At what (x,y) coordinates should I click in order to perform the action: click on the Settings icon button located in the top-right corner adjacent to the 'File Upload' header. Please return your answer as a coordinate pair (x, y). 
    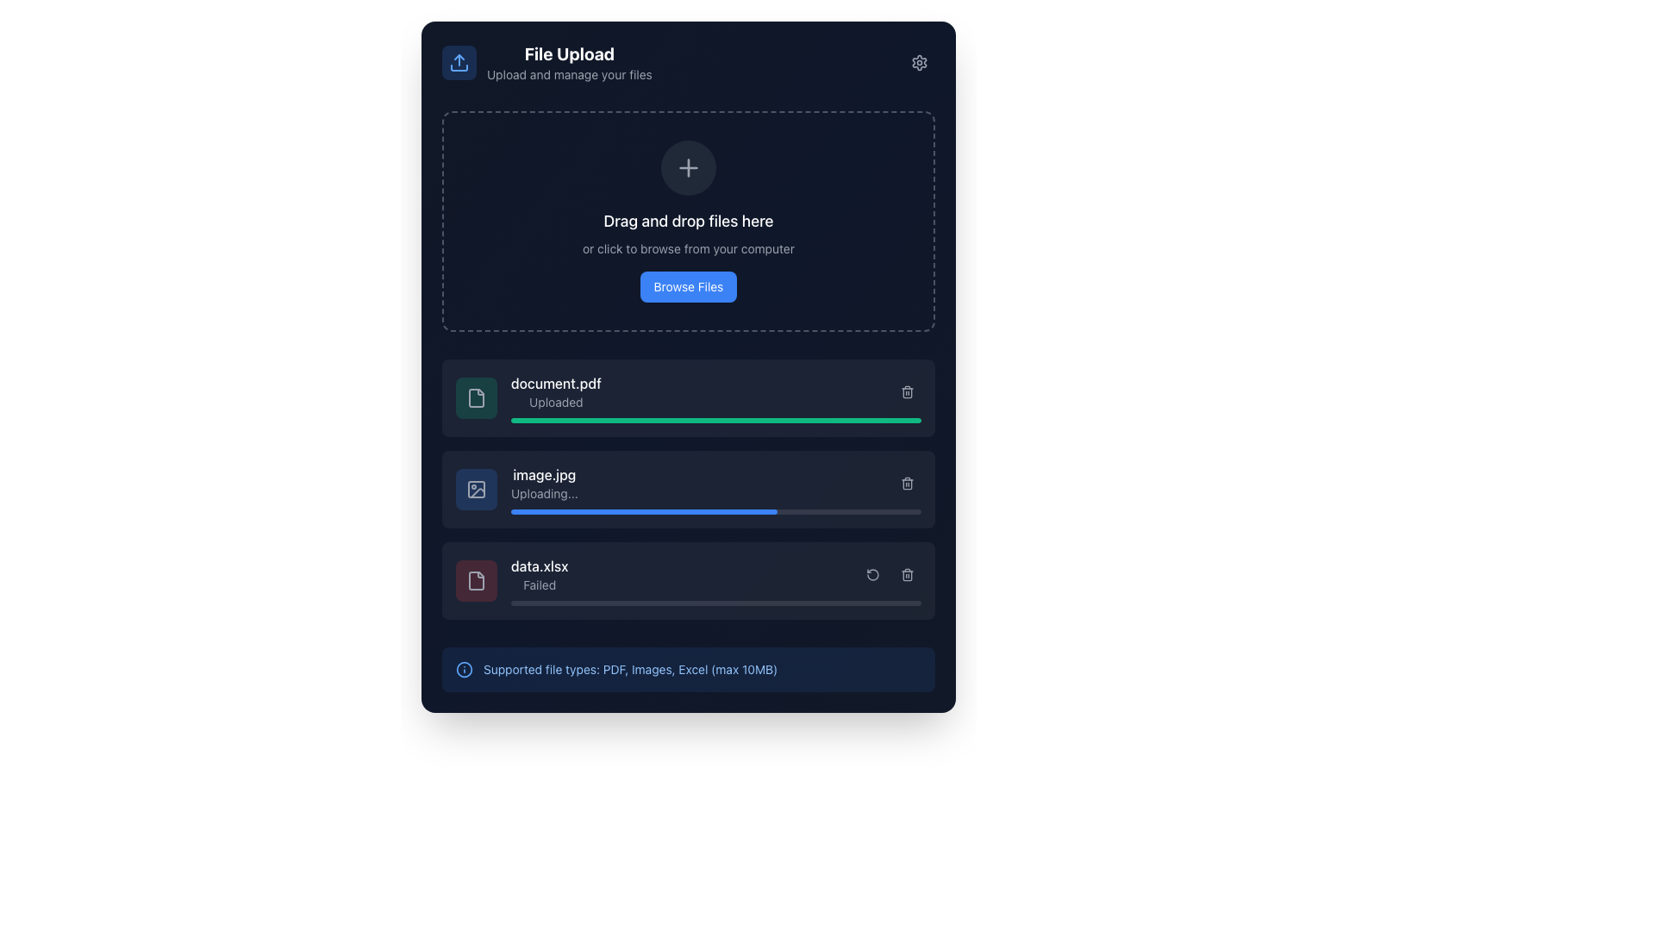
    Looking at the image, I should click on (918, 62).